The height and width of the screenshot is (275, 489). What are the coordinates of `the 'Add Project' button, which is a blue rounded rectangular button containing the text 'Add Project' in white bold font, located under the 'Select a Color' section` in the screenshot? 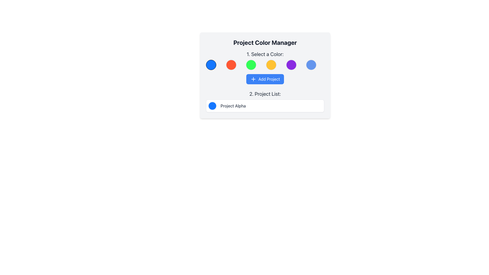 It's located at (269, 79).